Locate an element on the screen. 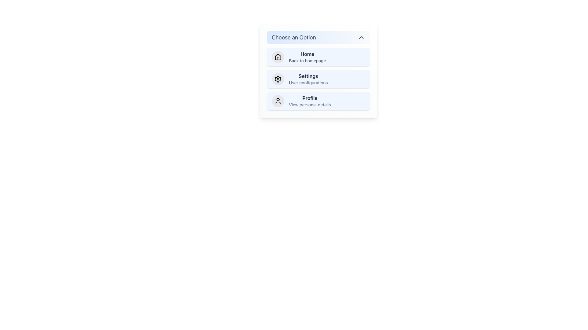 The image size is (588, 330). text from the 'Choose an Option' label, which is a bold grayish-blue text located at the top center of the dropdown menu is located at coordinates (293, 38).